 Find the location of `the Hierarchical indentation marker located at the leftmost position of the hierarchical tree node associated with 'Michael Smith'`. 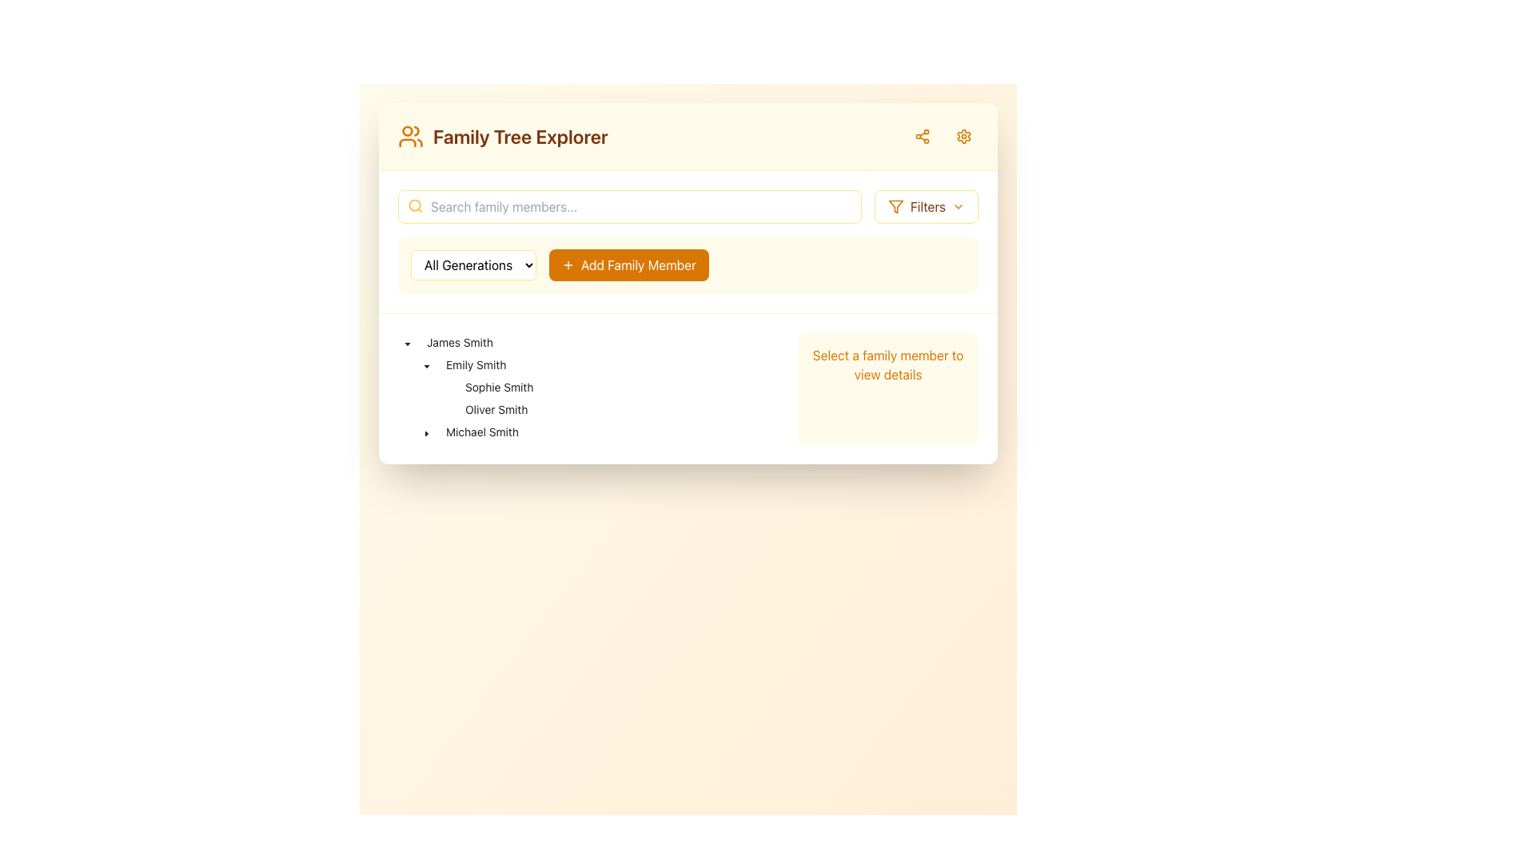

the Hierarchical indentation marker located at the leftmost position of the hierarchical tree node associated with 'Michael Smith' is located at coordinates (407, 431).